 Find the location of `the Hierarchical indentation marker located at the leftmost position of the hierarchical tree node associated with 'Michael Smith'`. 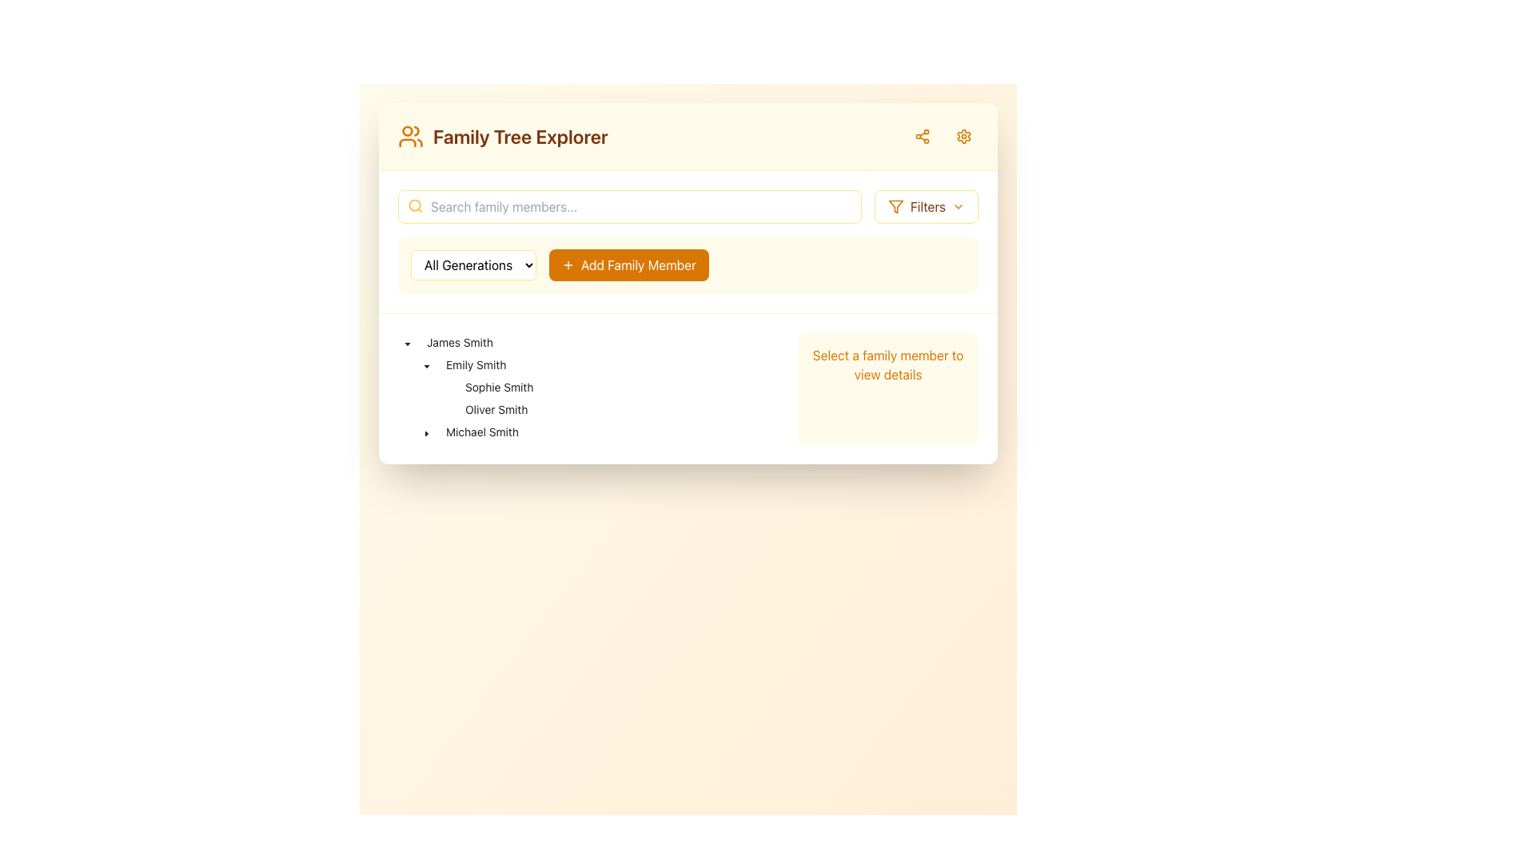

the Hierarchical indentation marker located at the leftmost position of the hierarchical tree node associated with 'Michael Smith' is located at coordinates (407, 431).